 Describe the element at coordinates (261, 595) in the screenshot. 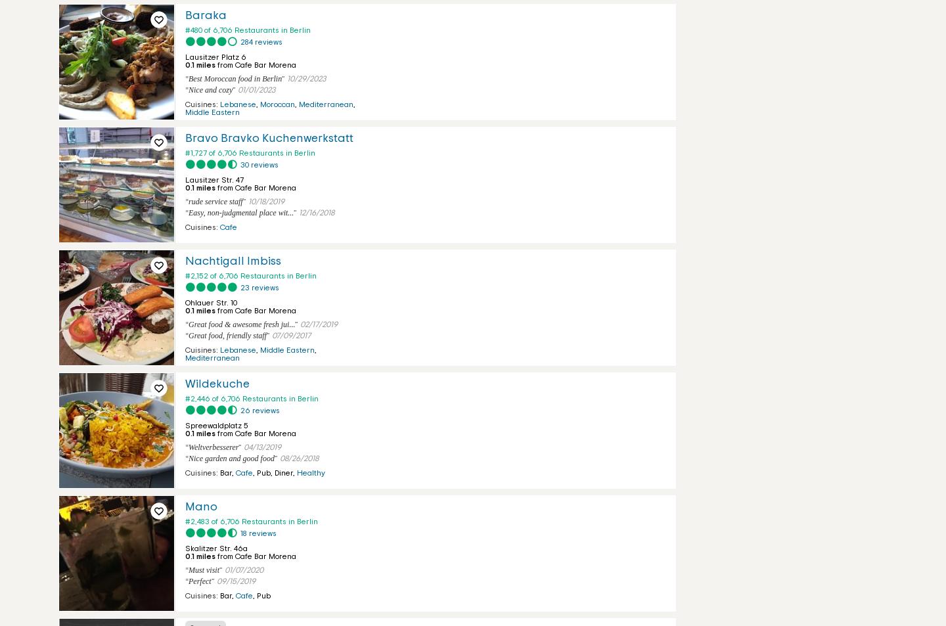

I see `', Pub'` at that location.